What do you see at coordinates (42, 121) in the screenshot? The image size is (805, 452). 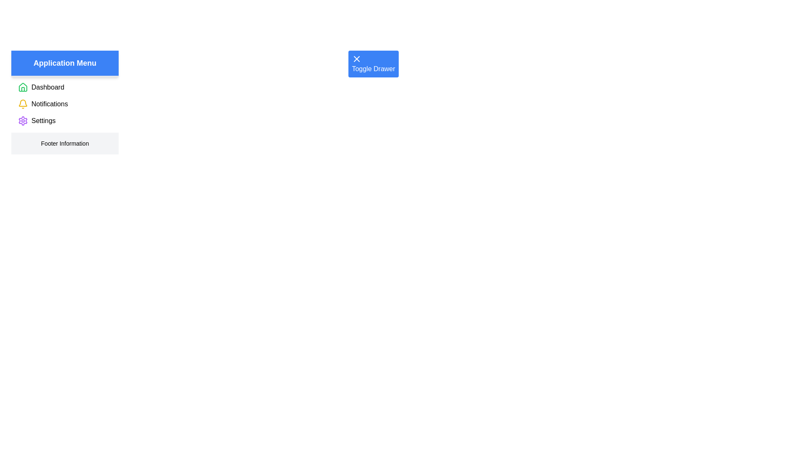 I see `the menu item Settings and click it` at bounding box center [42, 121].